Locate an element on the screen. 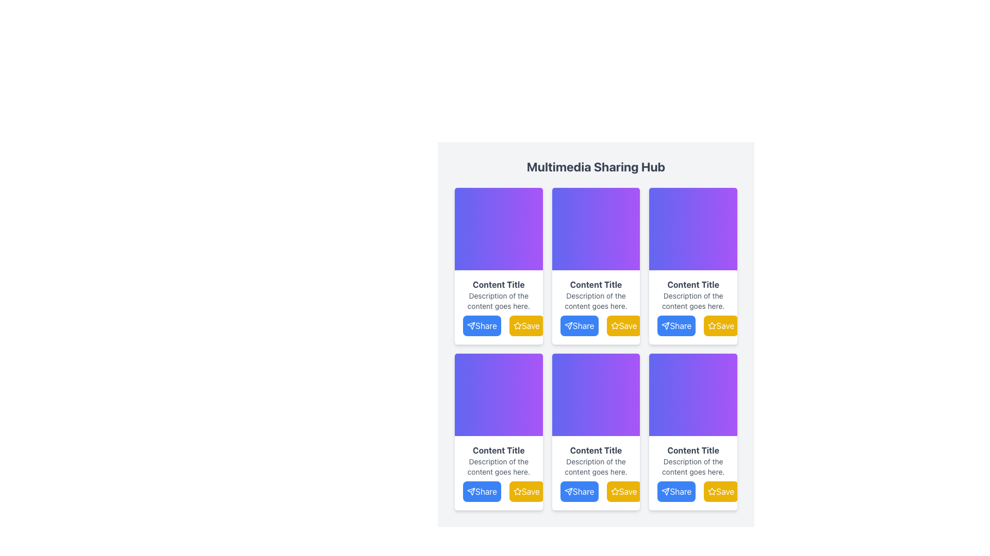 This screenshot has width=990, height=556. text label that displays 'Content Title', which is positioned at the top of the third card in the multimedia grid layout is located at coordinates (693, 284).